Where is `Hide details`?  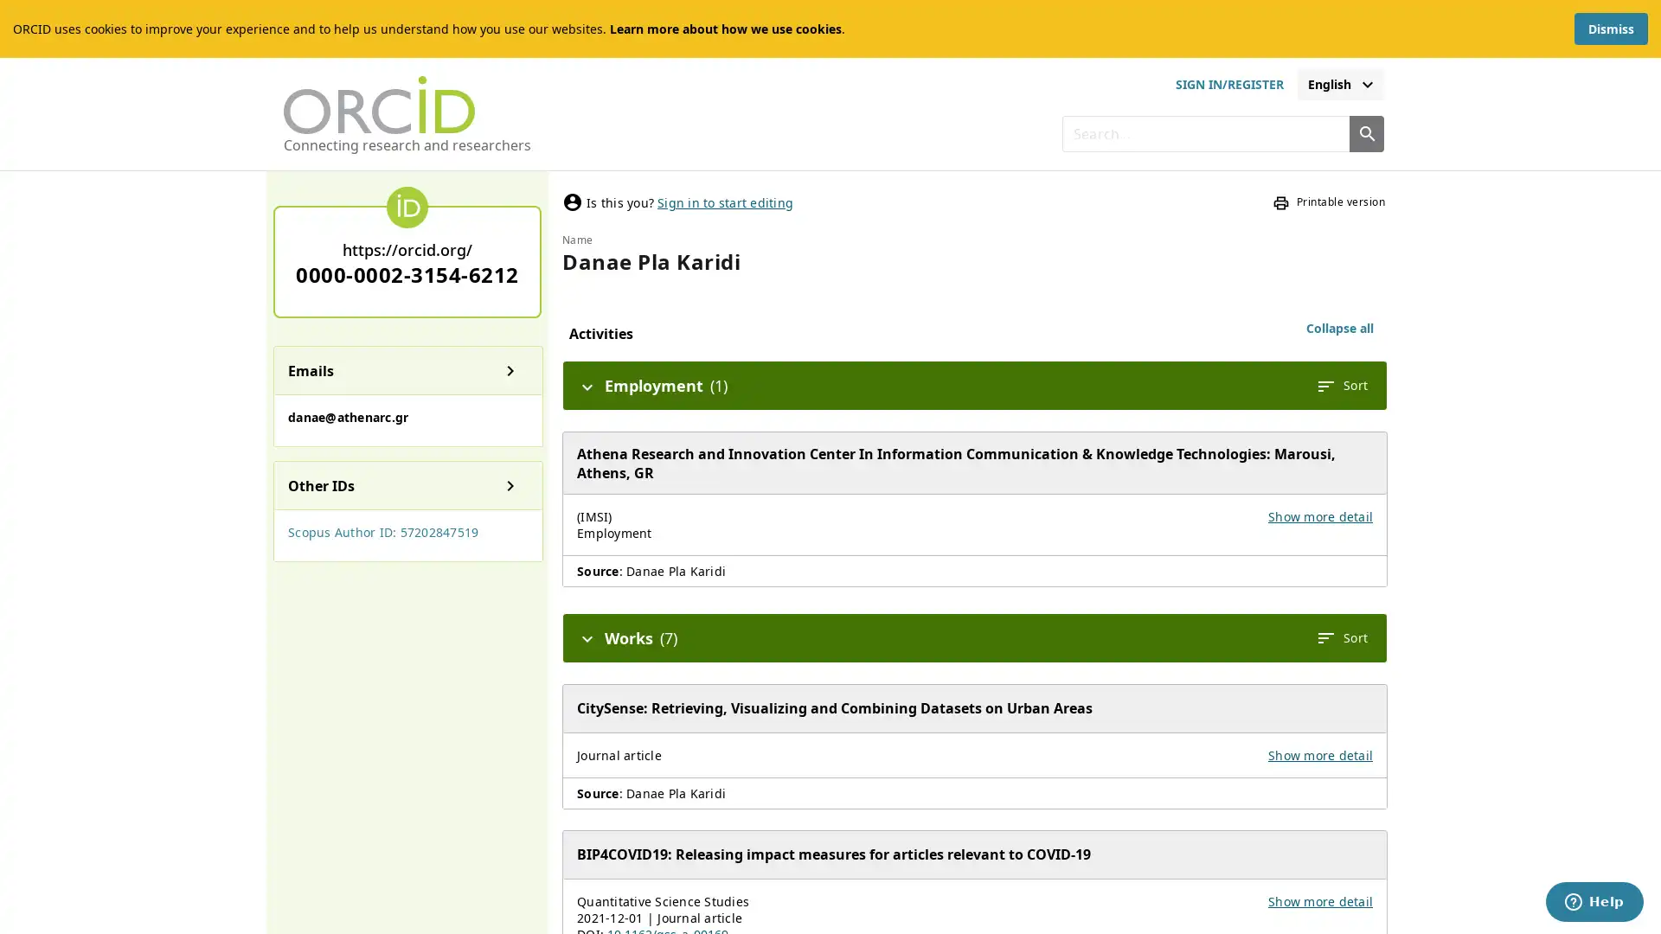
Hide details is located at coordinates (587, 385).